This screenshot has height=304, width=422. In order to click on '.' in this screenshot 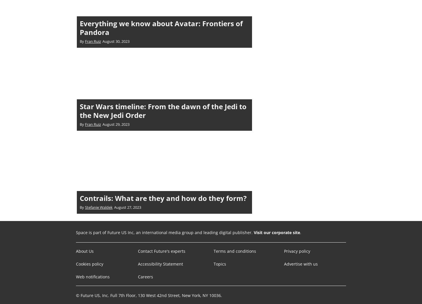, I will do `click(300, 232)`.